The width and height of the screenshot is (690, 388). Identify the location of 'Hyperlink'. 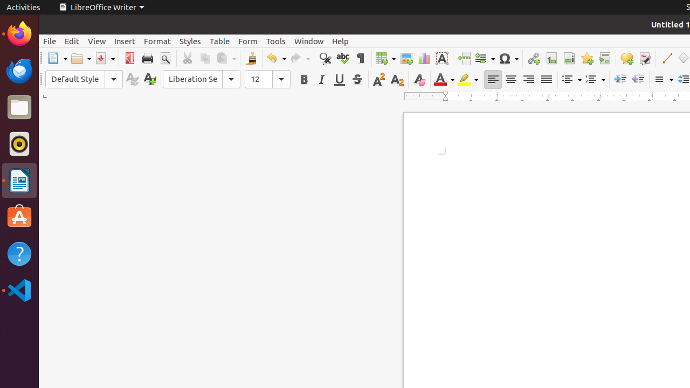
(533, 58).